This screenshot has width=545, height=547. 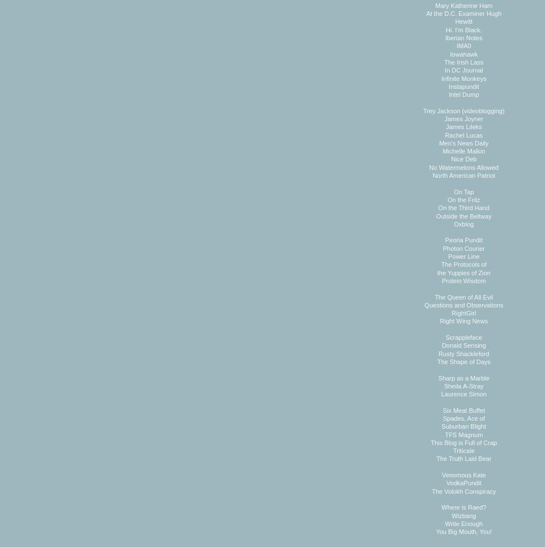 What do you see at coordinates (450, 514) in the screenshot?
I see `'Wizbang'` at bounding box center [450, 514].